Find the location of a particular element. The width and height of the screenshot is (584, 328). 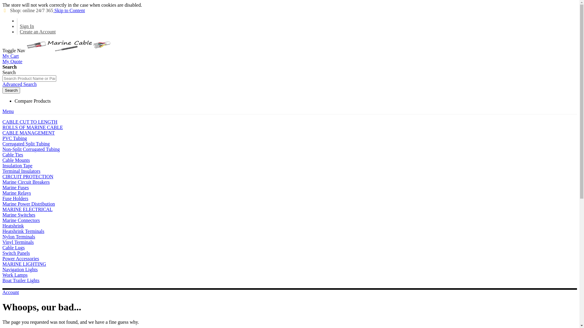

'Heatshrink Terminals' is located at coordinates (23, 231).